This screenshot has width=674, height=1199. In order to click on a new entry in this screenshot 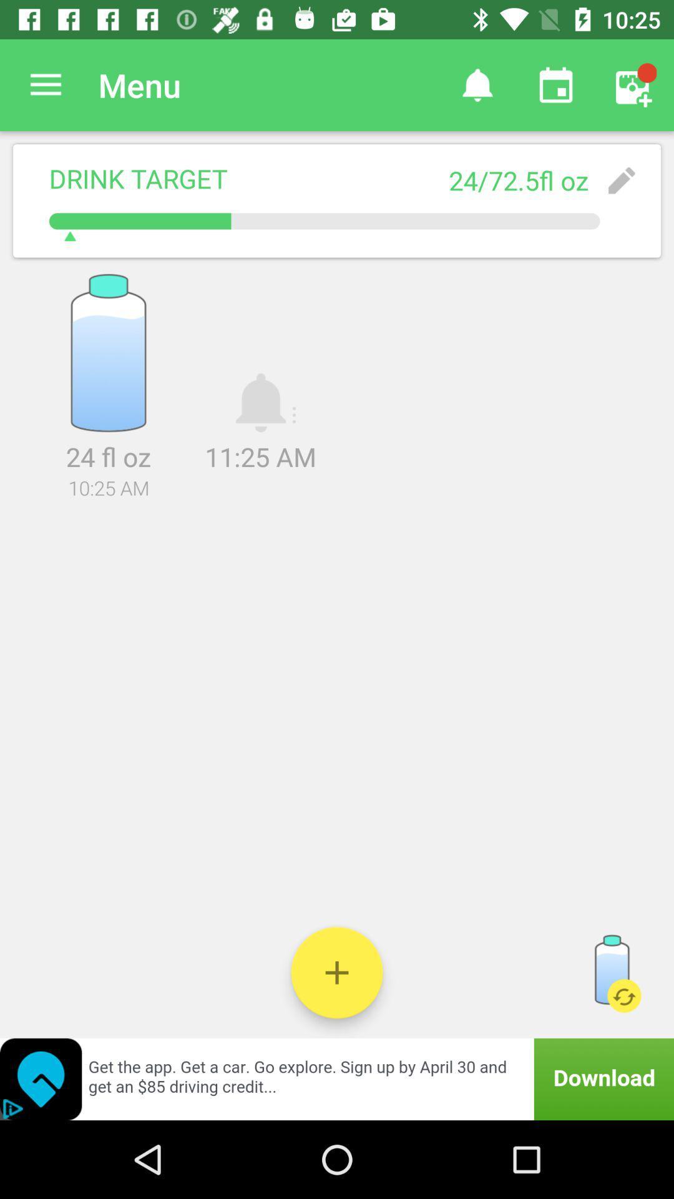, I will do `click(337, 972)`.